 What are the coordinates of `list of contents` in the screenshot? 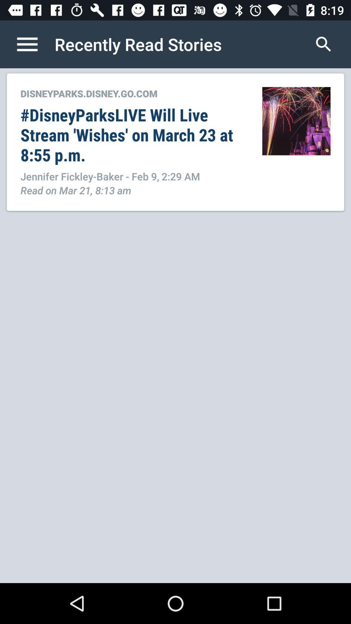 It's located at (34, 44).